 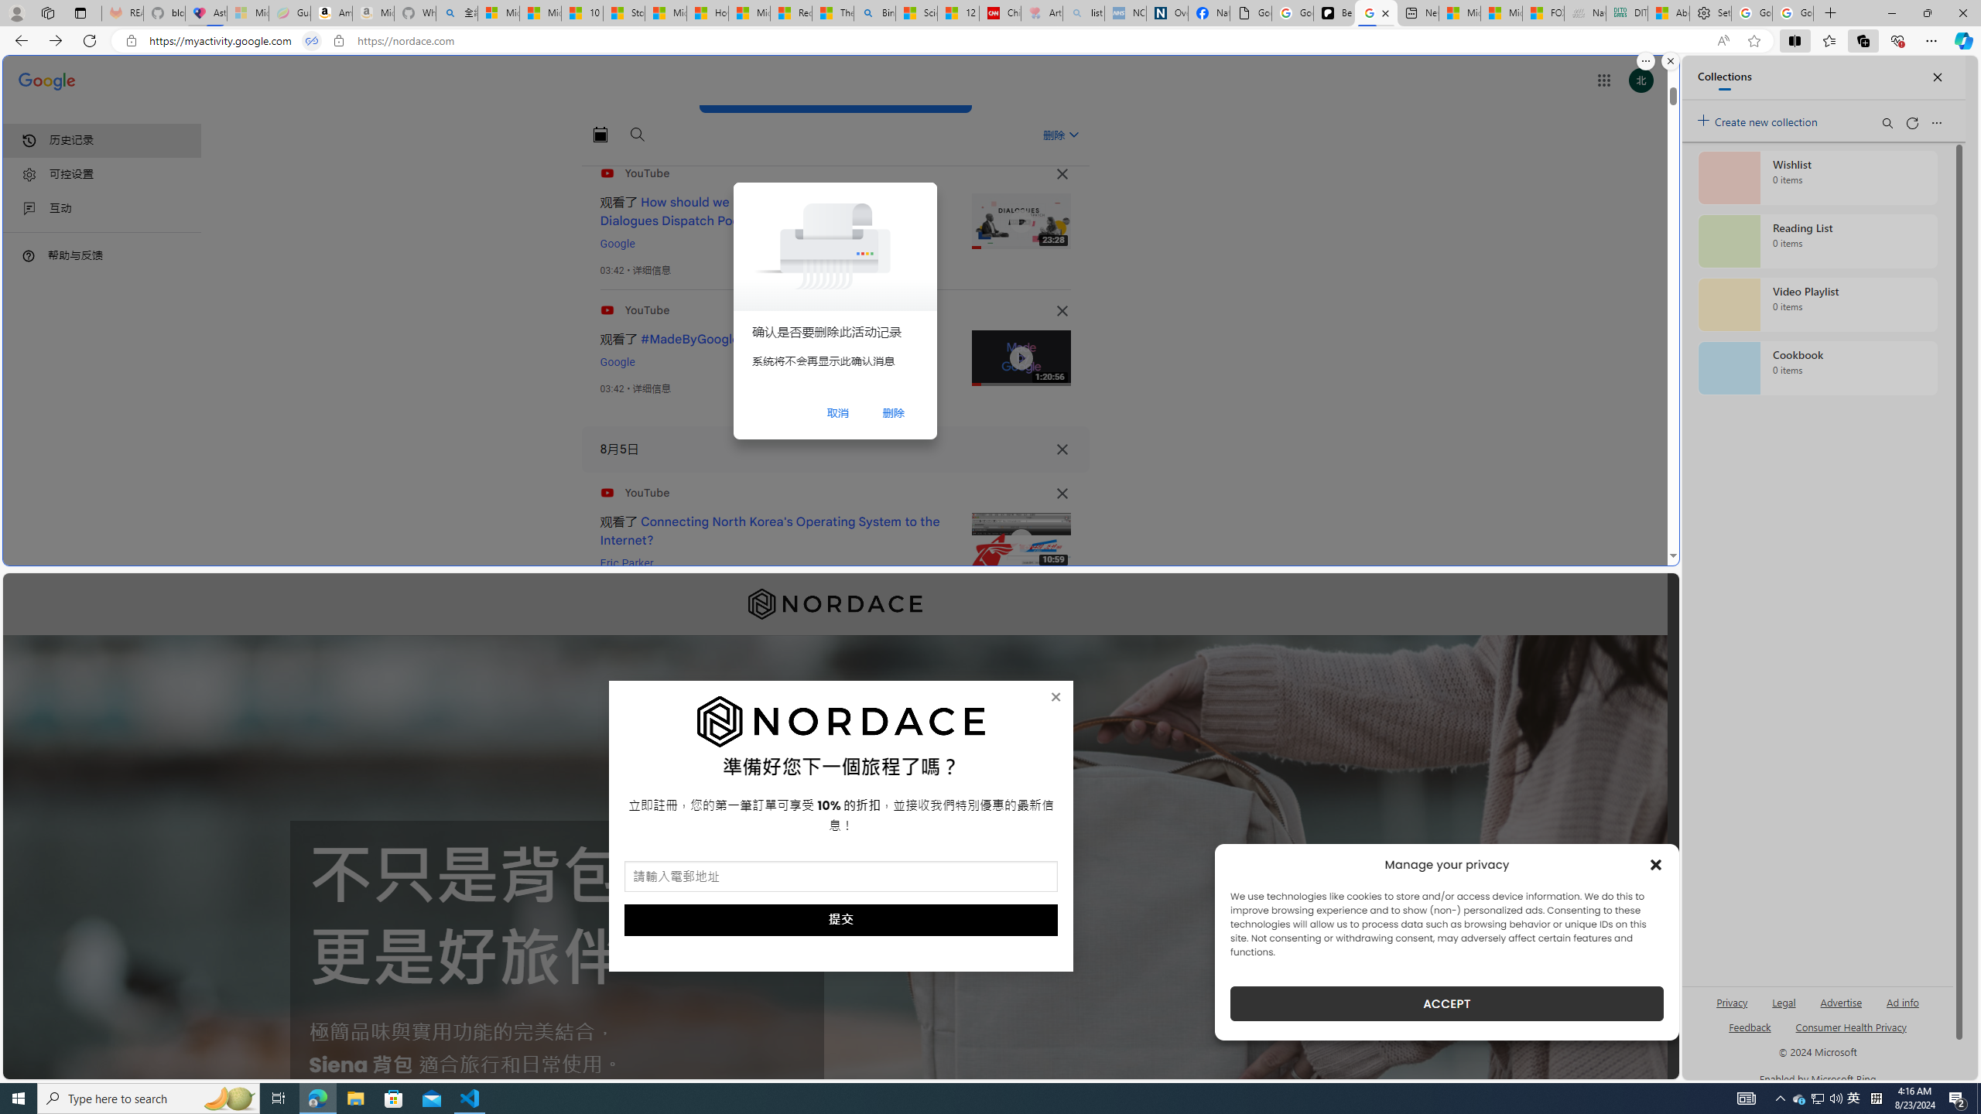 I want to click on 'AutomationID: field_5_1', so click(x=840, y=877).